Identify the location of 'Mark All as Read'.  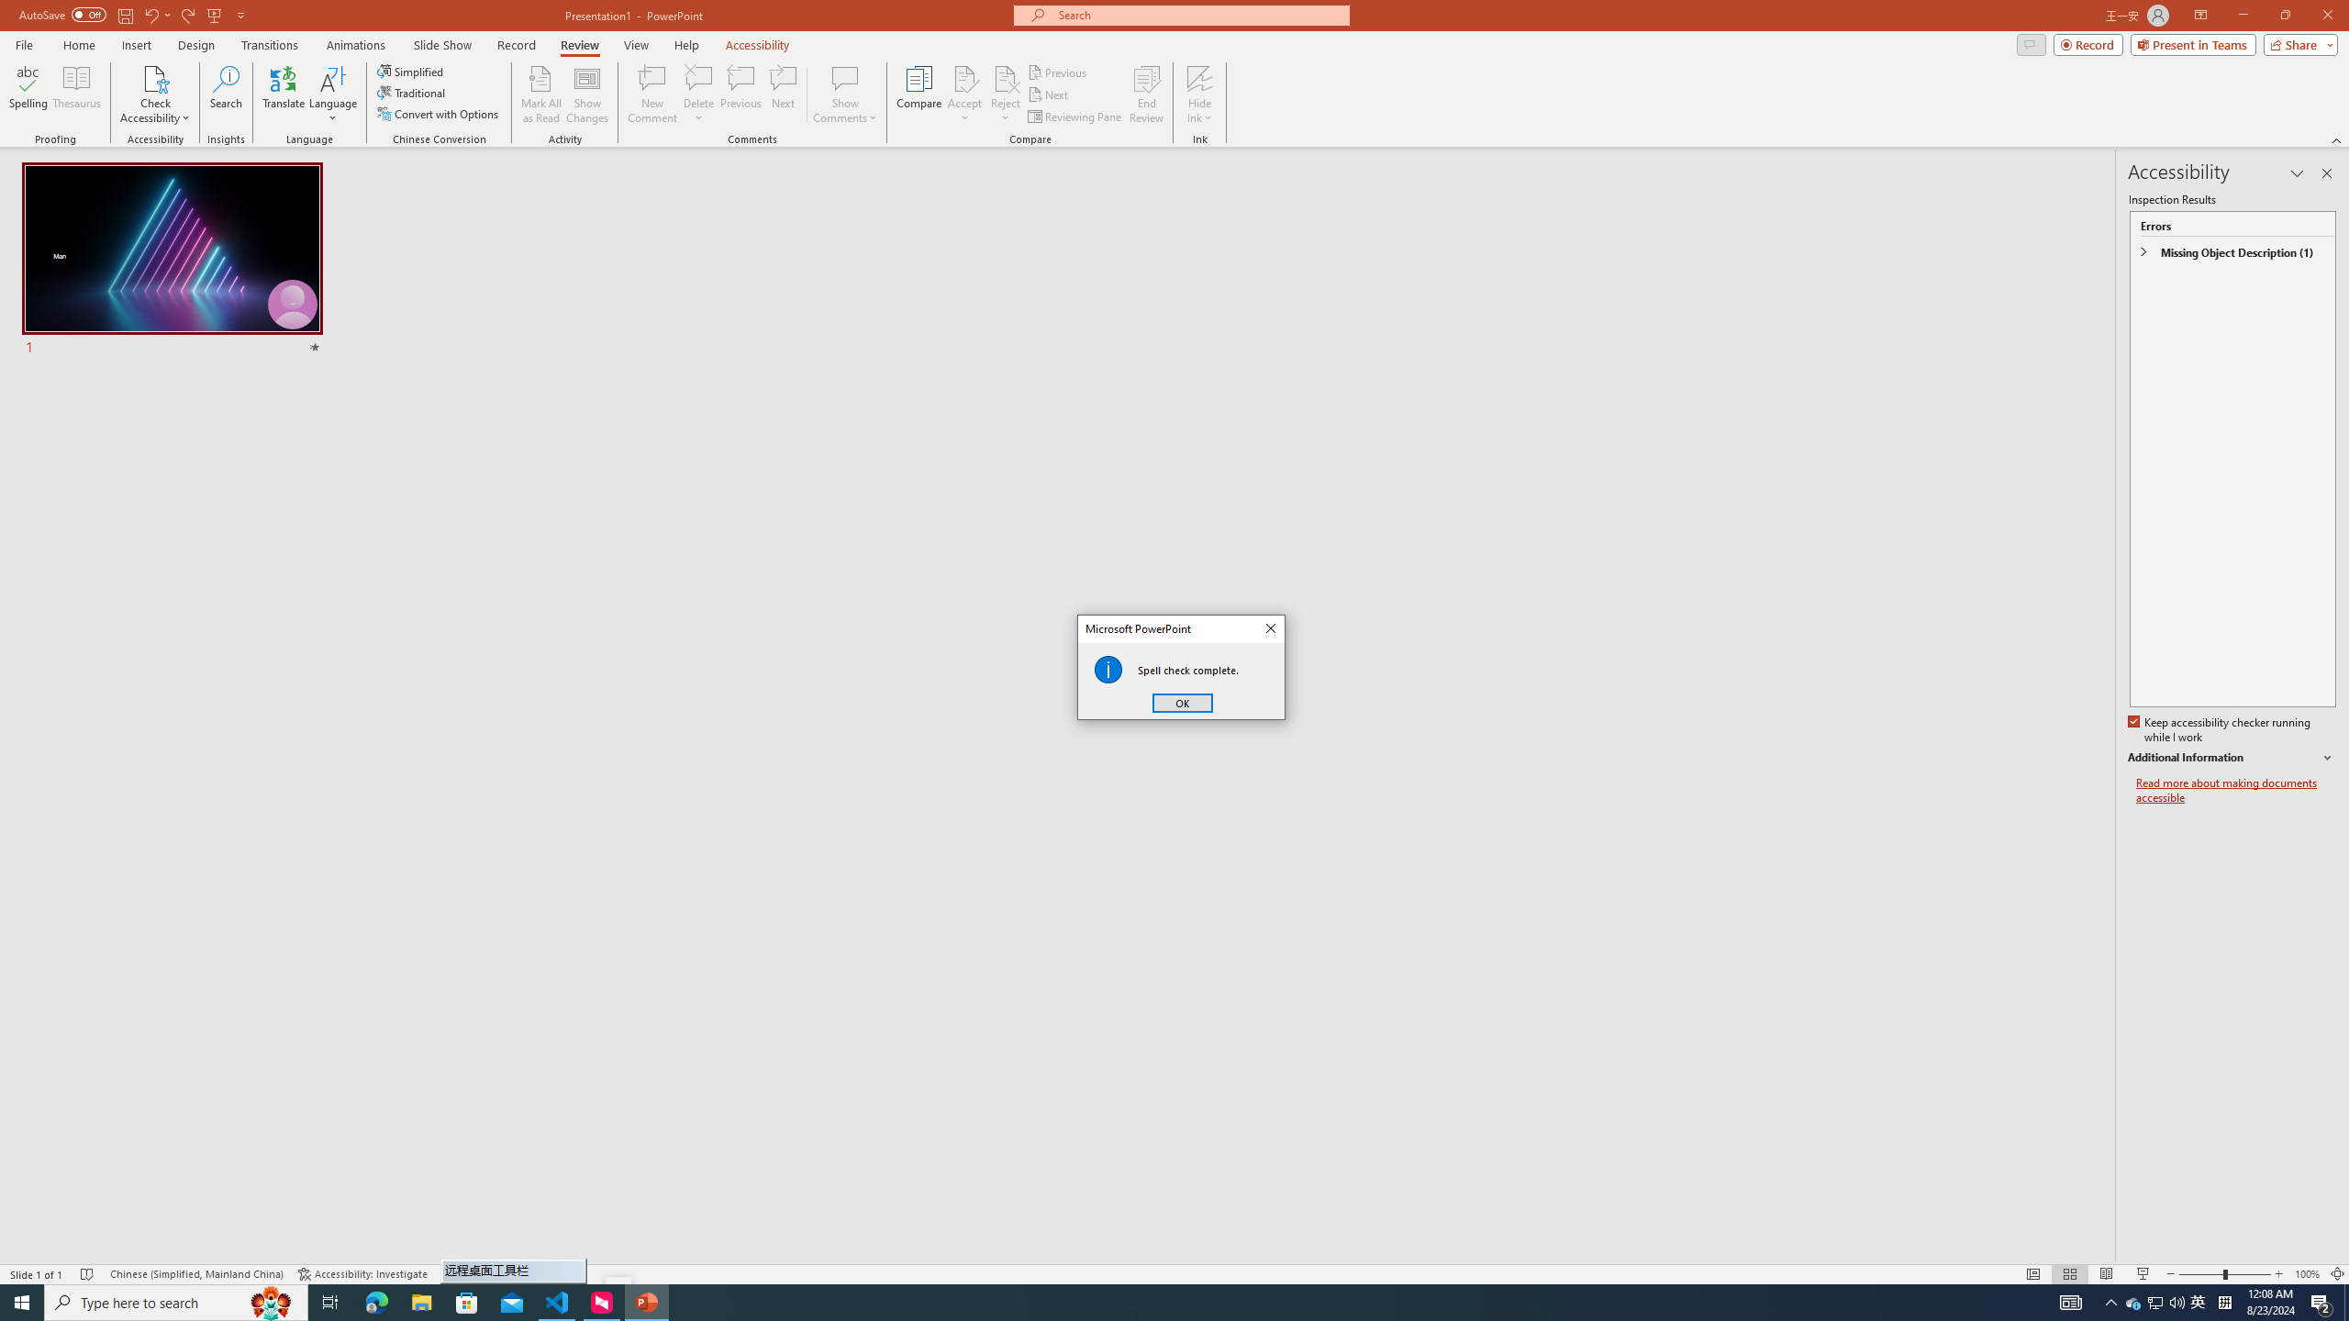
(541, 94).